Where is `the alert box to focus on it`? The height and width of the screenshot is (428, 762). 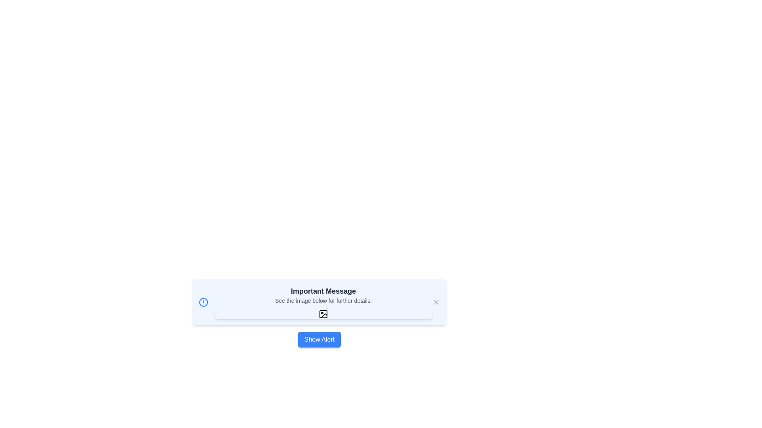
the alert box to focus on it is located at coordinates (319, 302).